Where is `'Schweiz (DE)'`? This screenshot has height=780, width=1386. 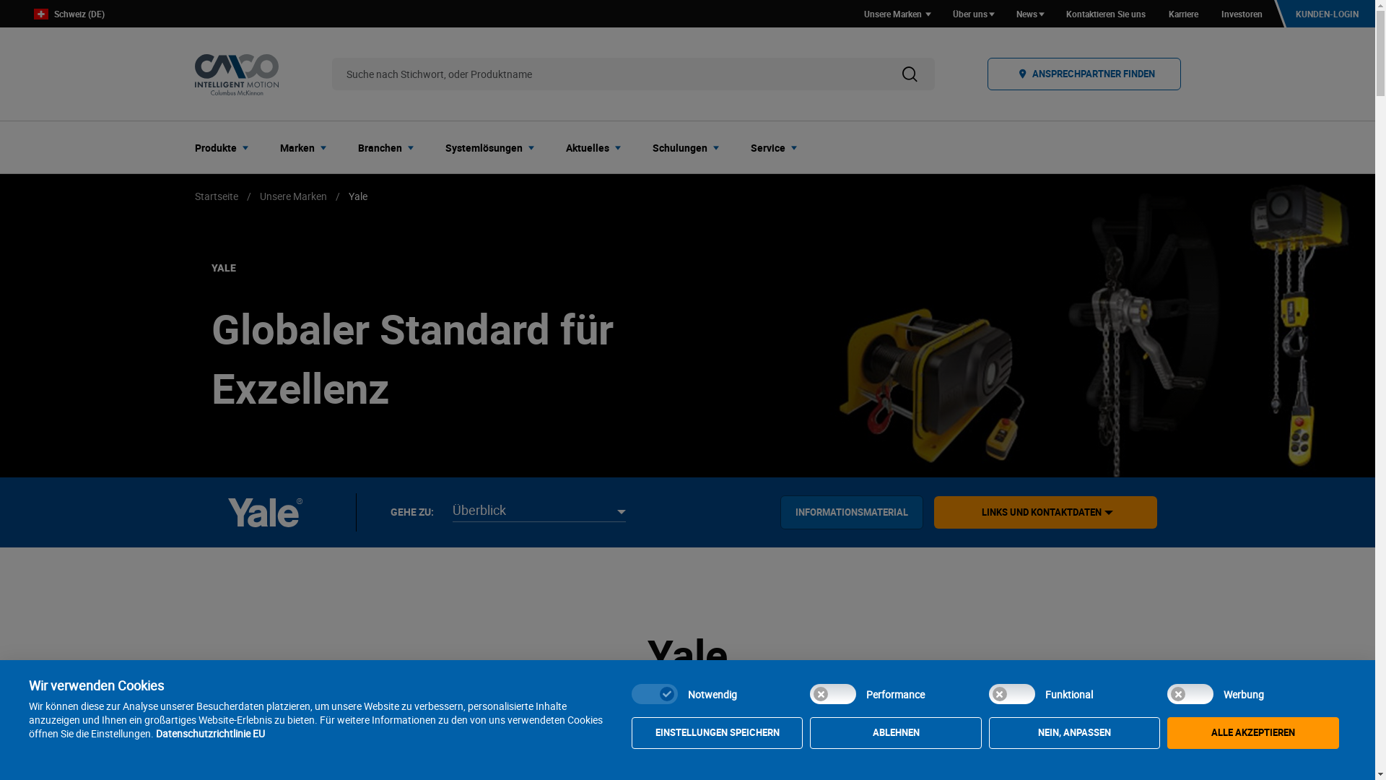
'Schweiz (DE)' is located at coordinates (63, 14).